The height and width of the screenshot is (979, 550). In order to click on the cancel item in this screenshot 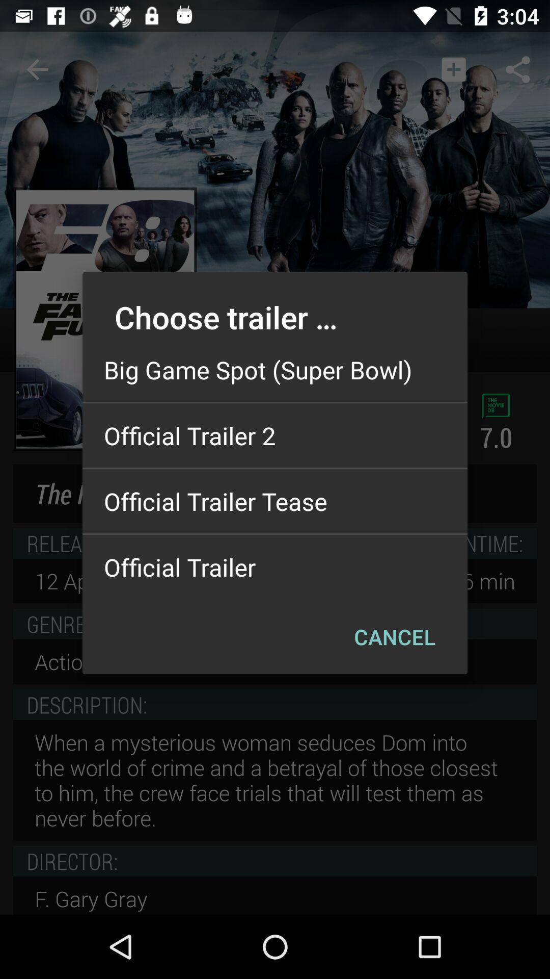, I will do `click(394, 636)`.